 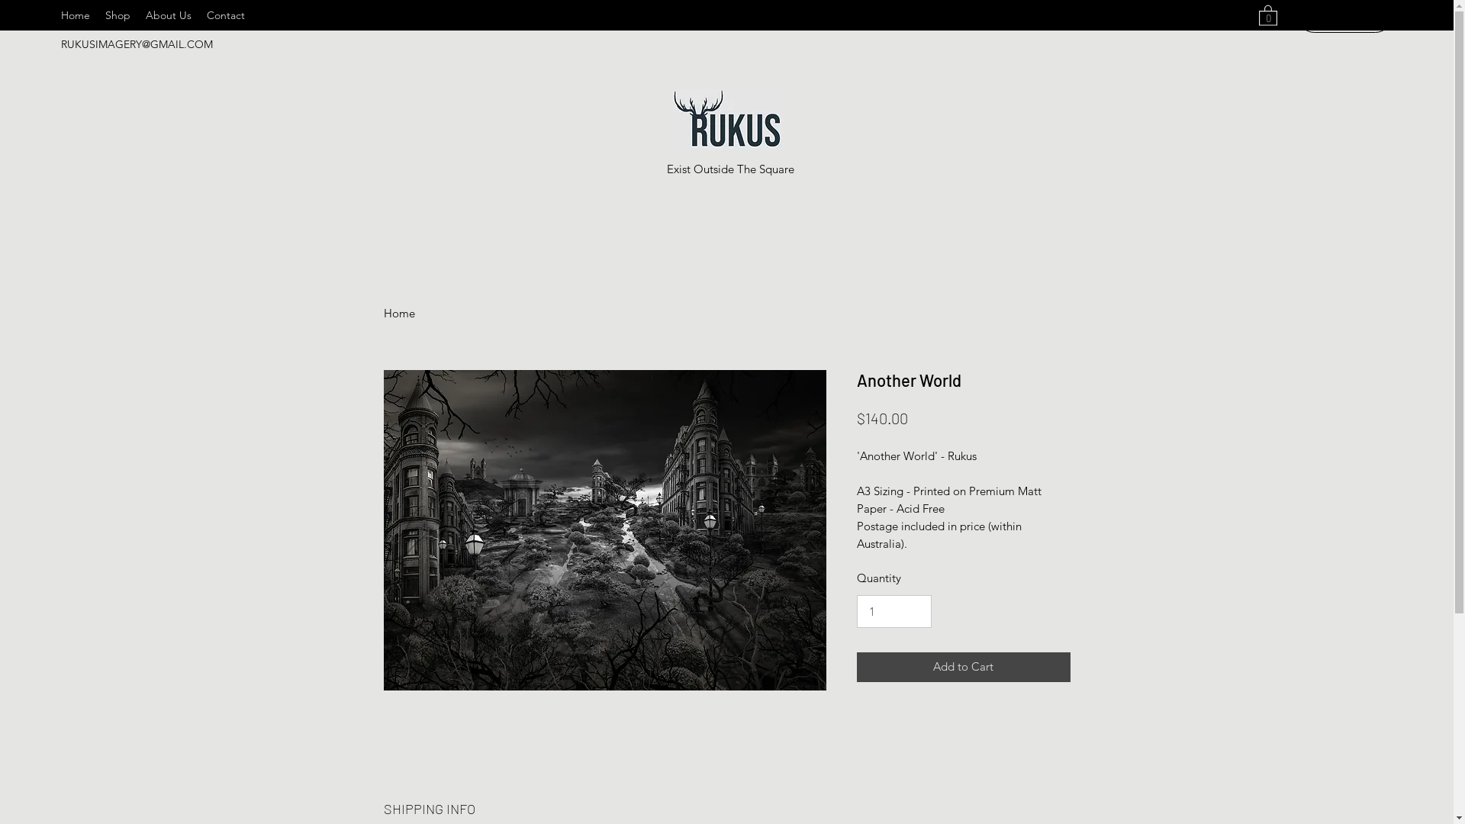 What do you see at coordinates (75, 14) in the screenshot?
I see `'Home'` at bounding box center [75, 14].